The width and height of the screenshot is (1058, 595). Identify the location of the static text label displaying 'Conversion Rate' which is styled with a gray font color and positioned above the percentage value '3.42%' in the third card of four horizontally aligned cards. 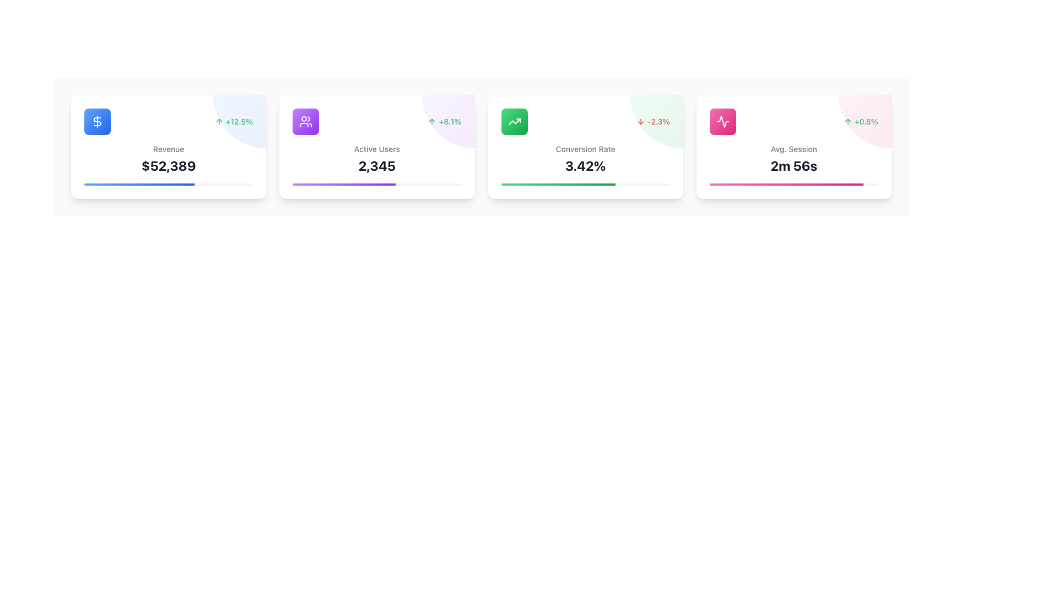
(585, 149).